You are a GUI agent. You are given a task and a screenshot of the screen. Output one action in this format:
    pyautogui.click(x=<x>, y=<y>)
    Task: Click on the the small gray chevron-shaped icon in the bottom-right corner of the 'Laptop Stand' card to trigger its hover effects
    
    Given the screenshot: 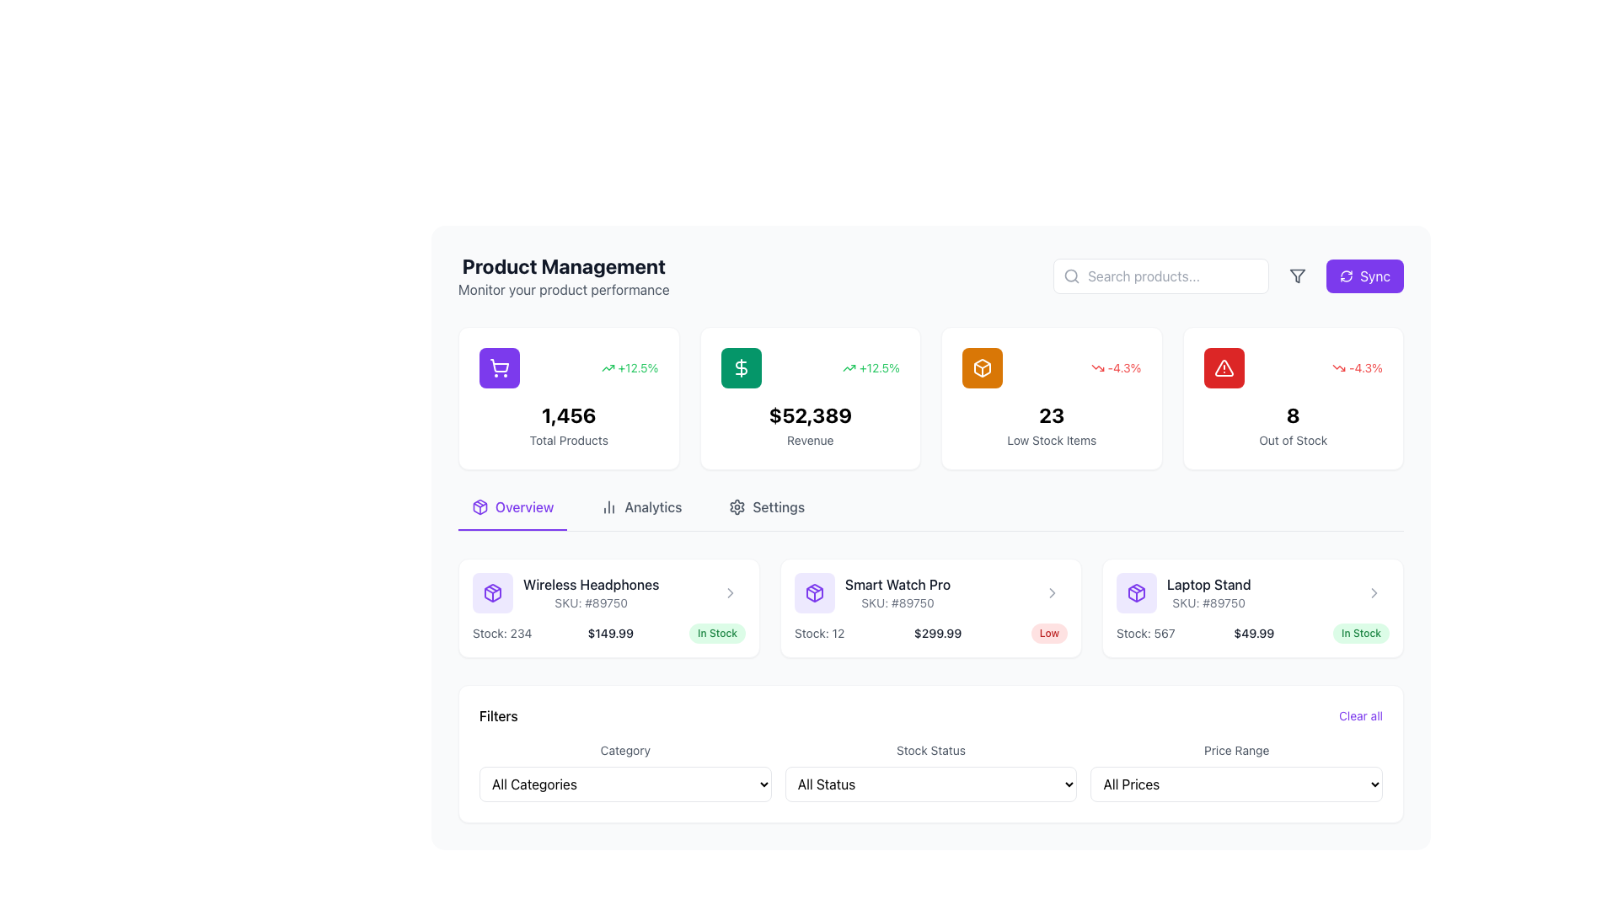 What is the action you would take?
    pyautogui.click(x=1374, y=592)
    